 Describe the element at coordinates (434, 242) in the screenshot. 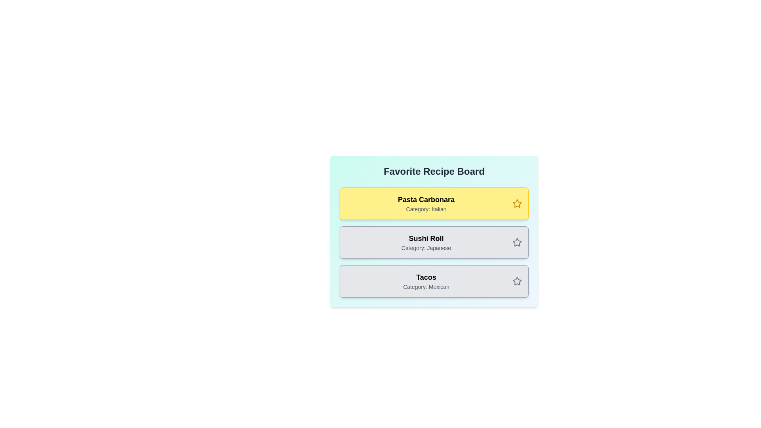

I see `the recipe card for Sushi Roll` at that location.